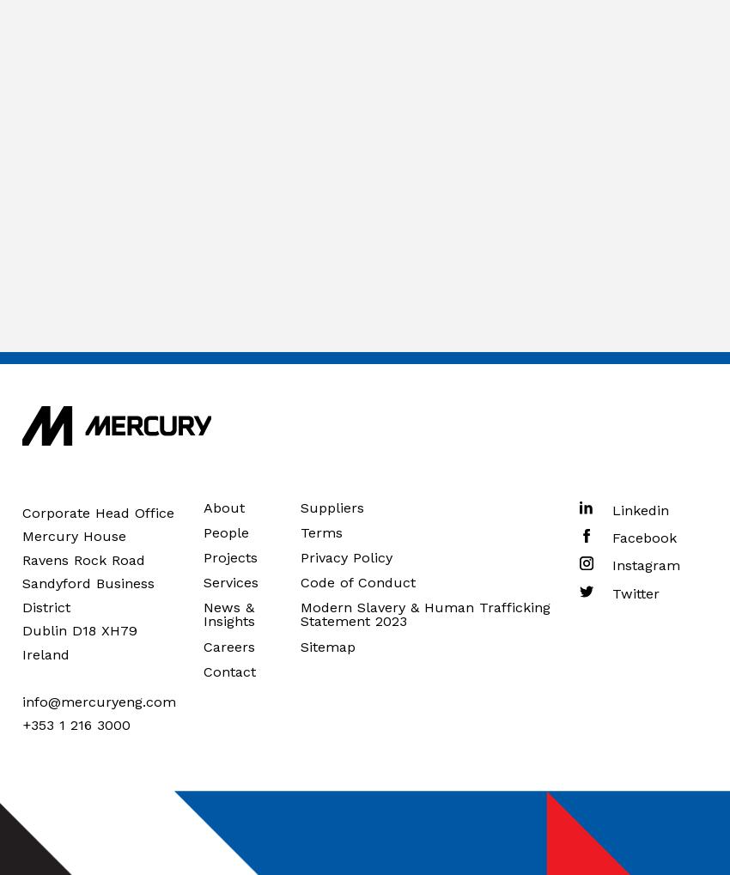  What do you see at coordinates (227, 645) in the screenshot?
I see `'Careers'` at bounding box center [227, 645].